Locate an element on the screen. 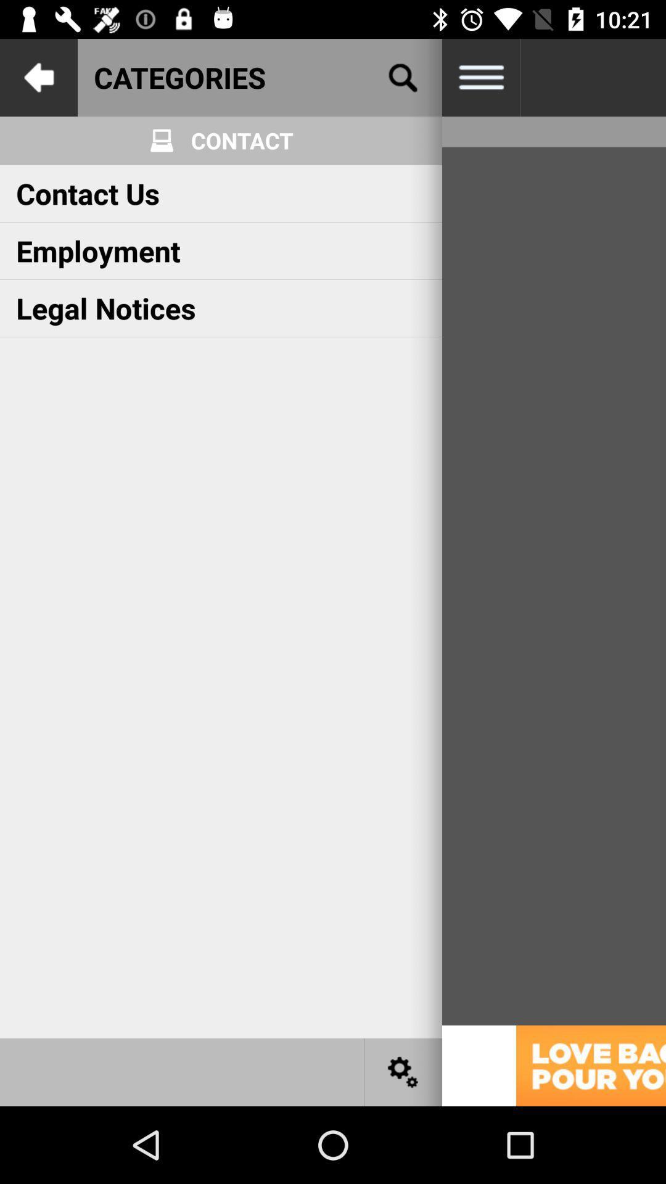 The height and width of the screenshot is (1184, 666). the search icon is located at coordinates (403, 76).